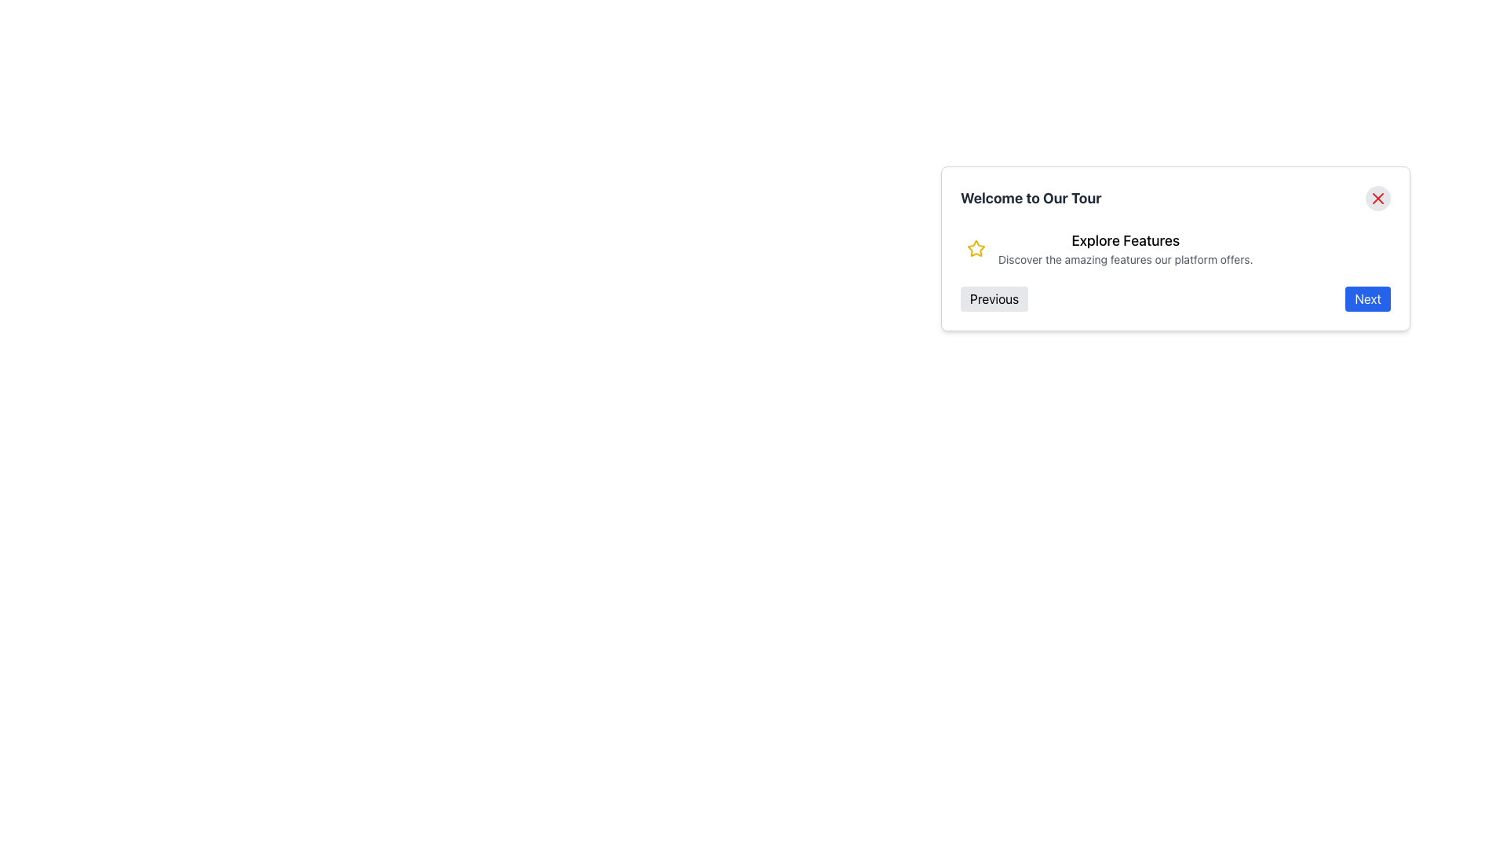 Image resolution: width=1507 pixels, height=848 pixels. Describe the element at coordinates (994, 299) in the screenshot. I see `the 'Previous' button, which is a rectangular button with a soft gray background and slightly rounded edges` at that location.